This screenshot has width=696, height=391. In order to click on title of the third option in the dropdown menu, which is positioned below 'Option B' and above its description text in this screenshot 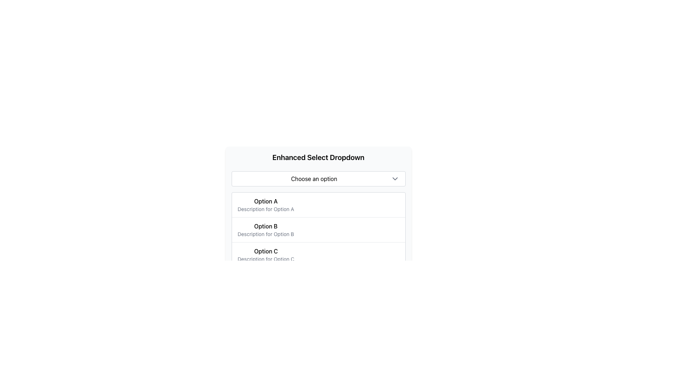, I will do `click(265, 251)`.